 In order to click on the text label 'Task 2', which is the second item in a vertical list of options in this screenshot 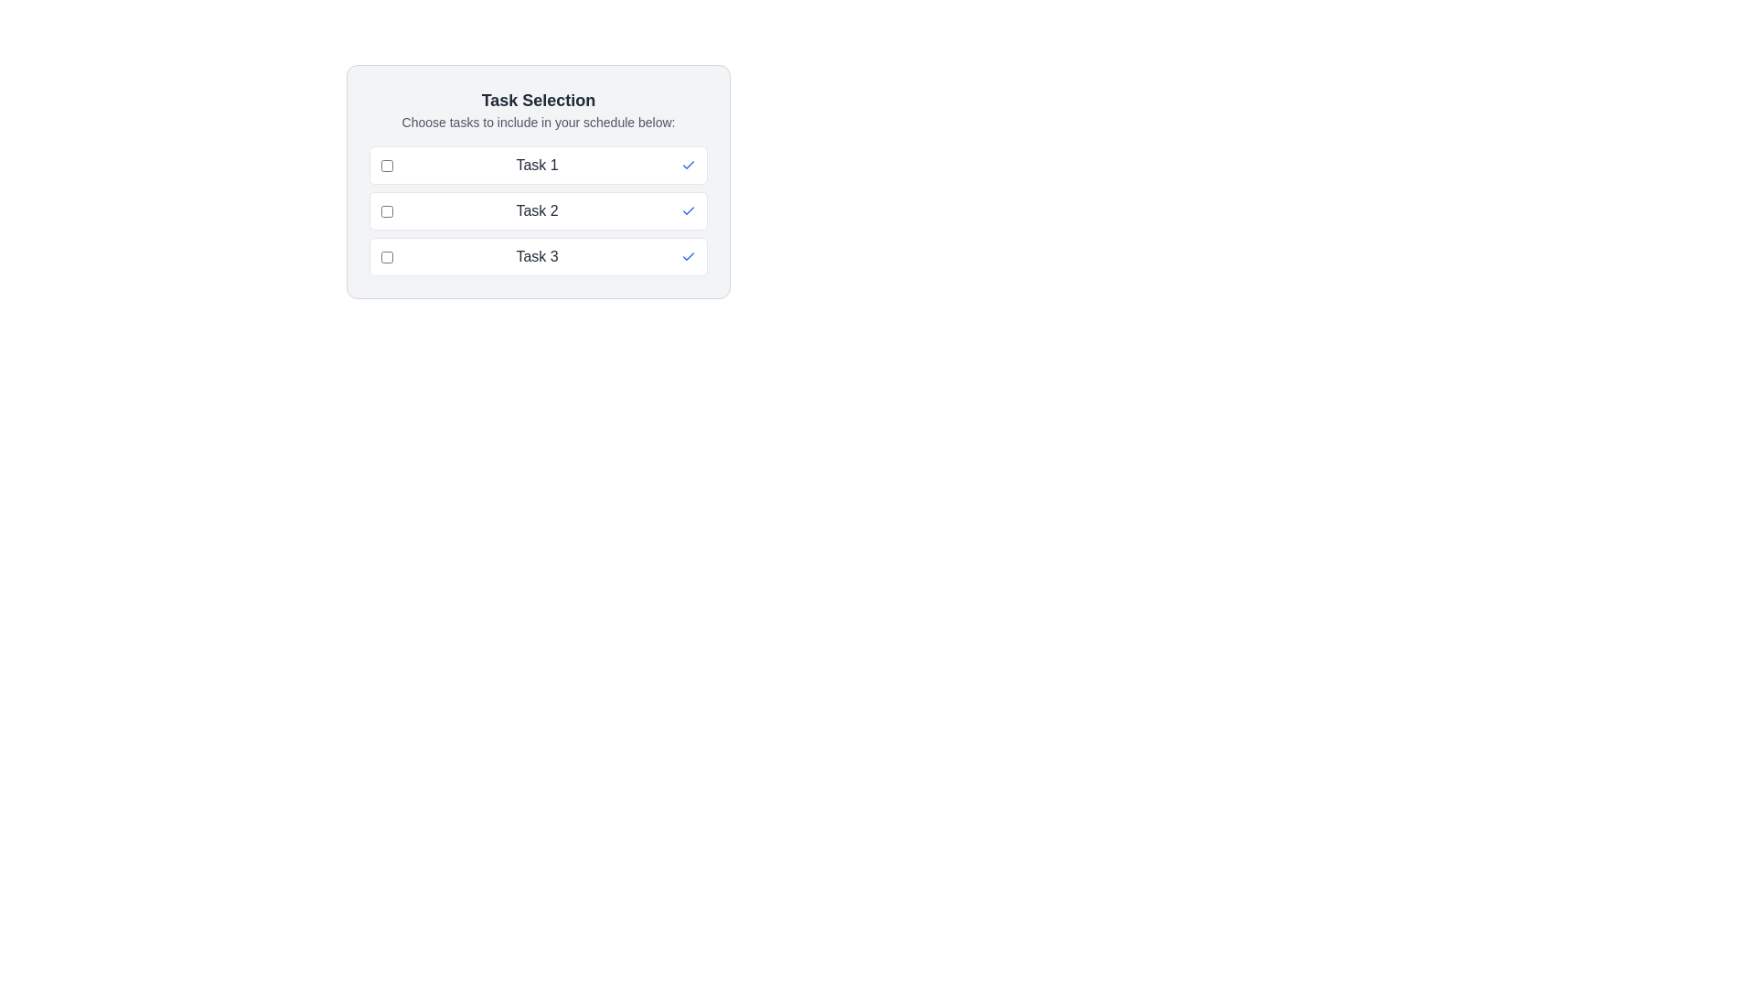, I will do `click(536, 210)`.